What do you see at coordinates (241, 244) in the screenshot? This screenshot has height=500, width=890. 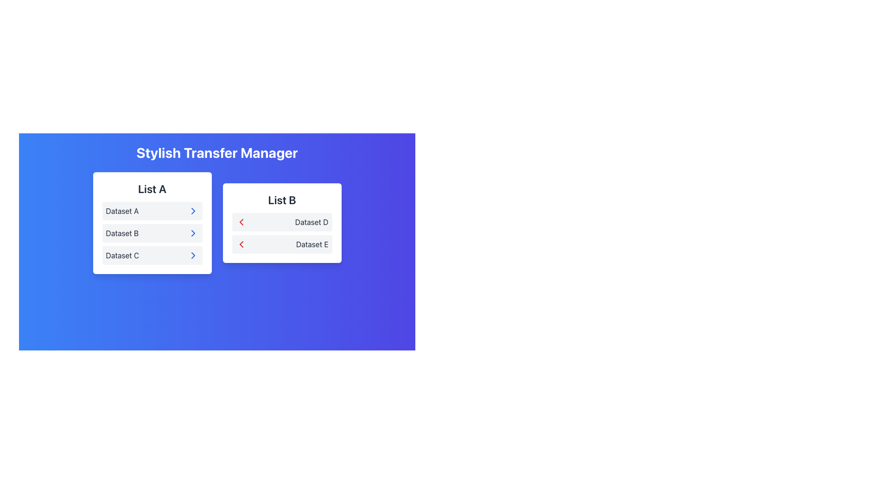 I see `the button located to the left of the text 'Dataset E' in the right-hand box labeled 'List B' to check if additional information or a tooltip appears` at bounding box center [241, 244].